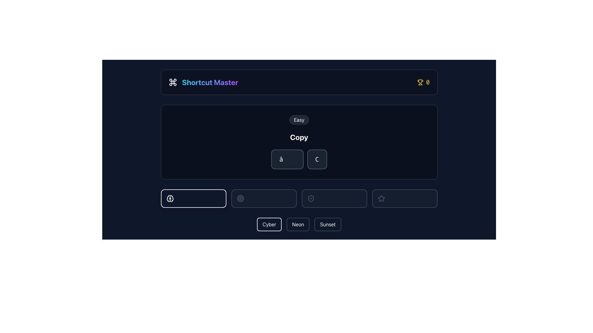 Image resolution: width=593 pixels, height=333 pixels. Describe the element at coordinates (299, 224) in the screenshot. I see `the selectable button located at the bottom of the layout, positioned between 'Cyber' and 'Sunset' segments` at that location.